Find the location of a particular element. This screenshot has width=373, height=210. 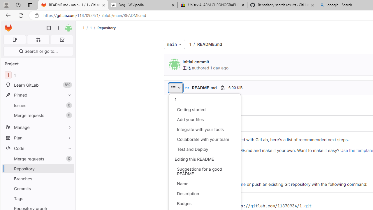

'Primary navigation sidebar' is located at coordinates (49, 28).